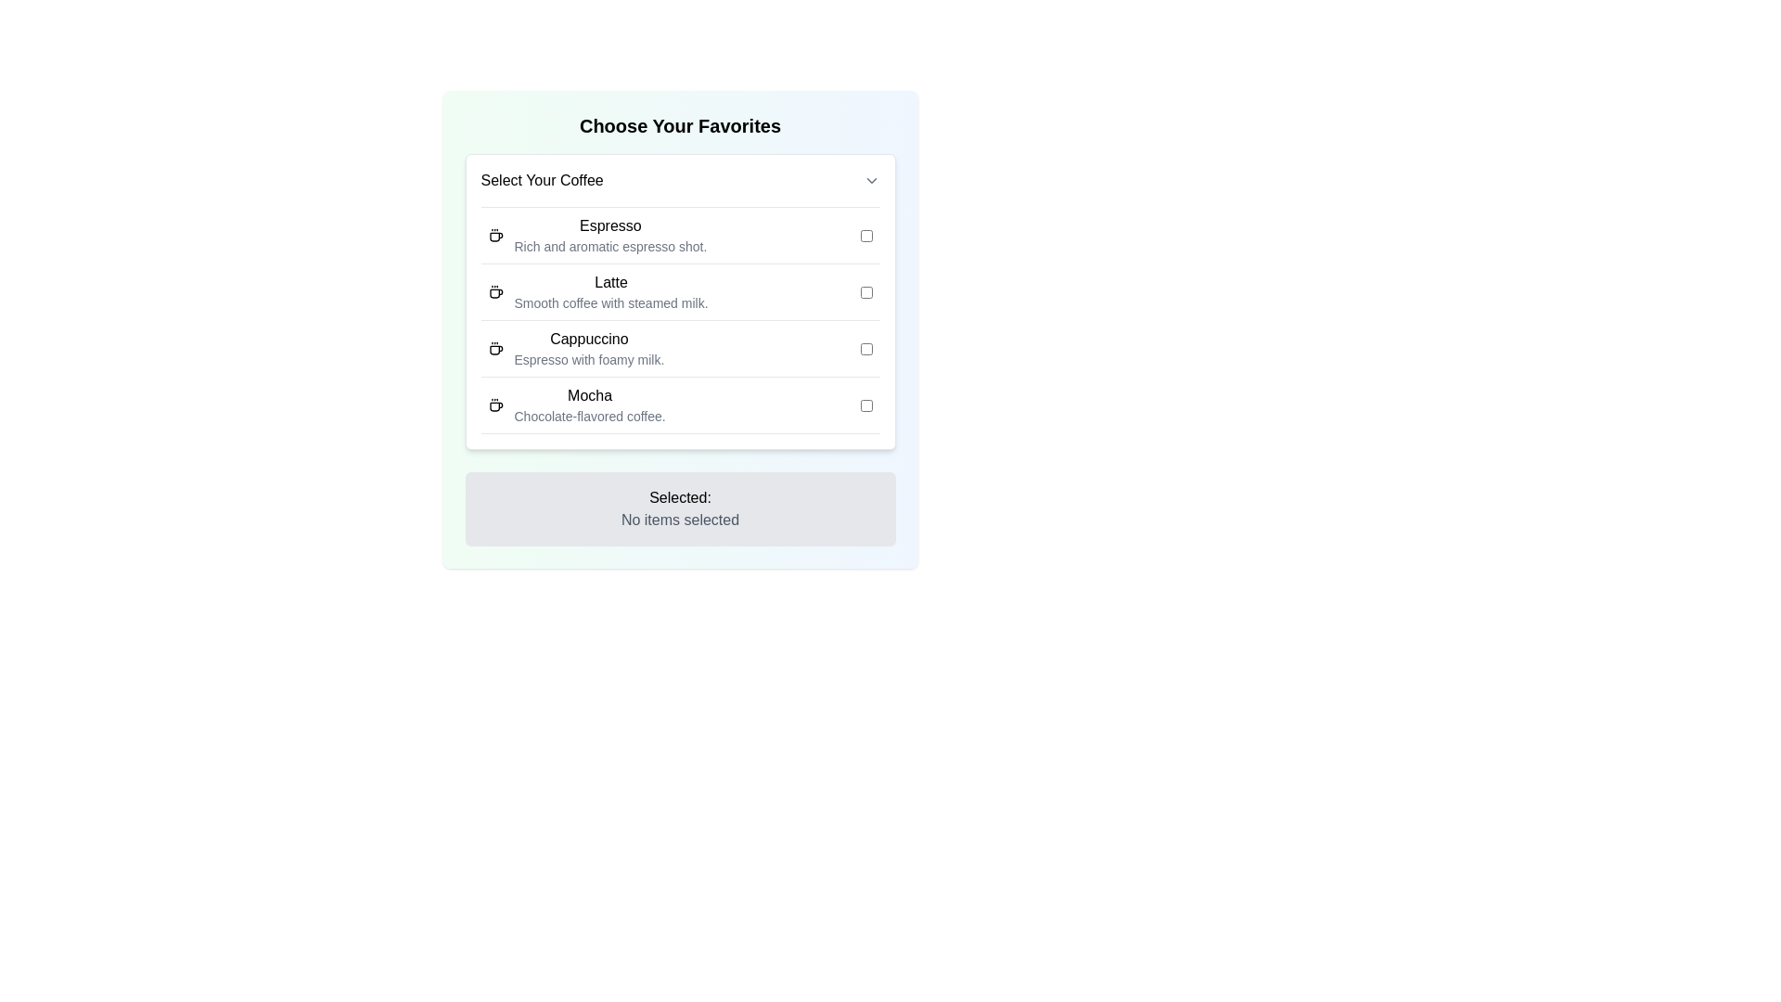  Describe the element at coordinates (610, 282) in the screenshot. I see `the 'Latte' label in the 'Select Your Coffee' list, which is the second item and displays the text 'Latte'` at that location.